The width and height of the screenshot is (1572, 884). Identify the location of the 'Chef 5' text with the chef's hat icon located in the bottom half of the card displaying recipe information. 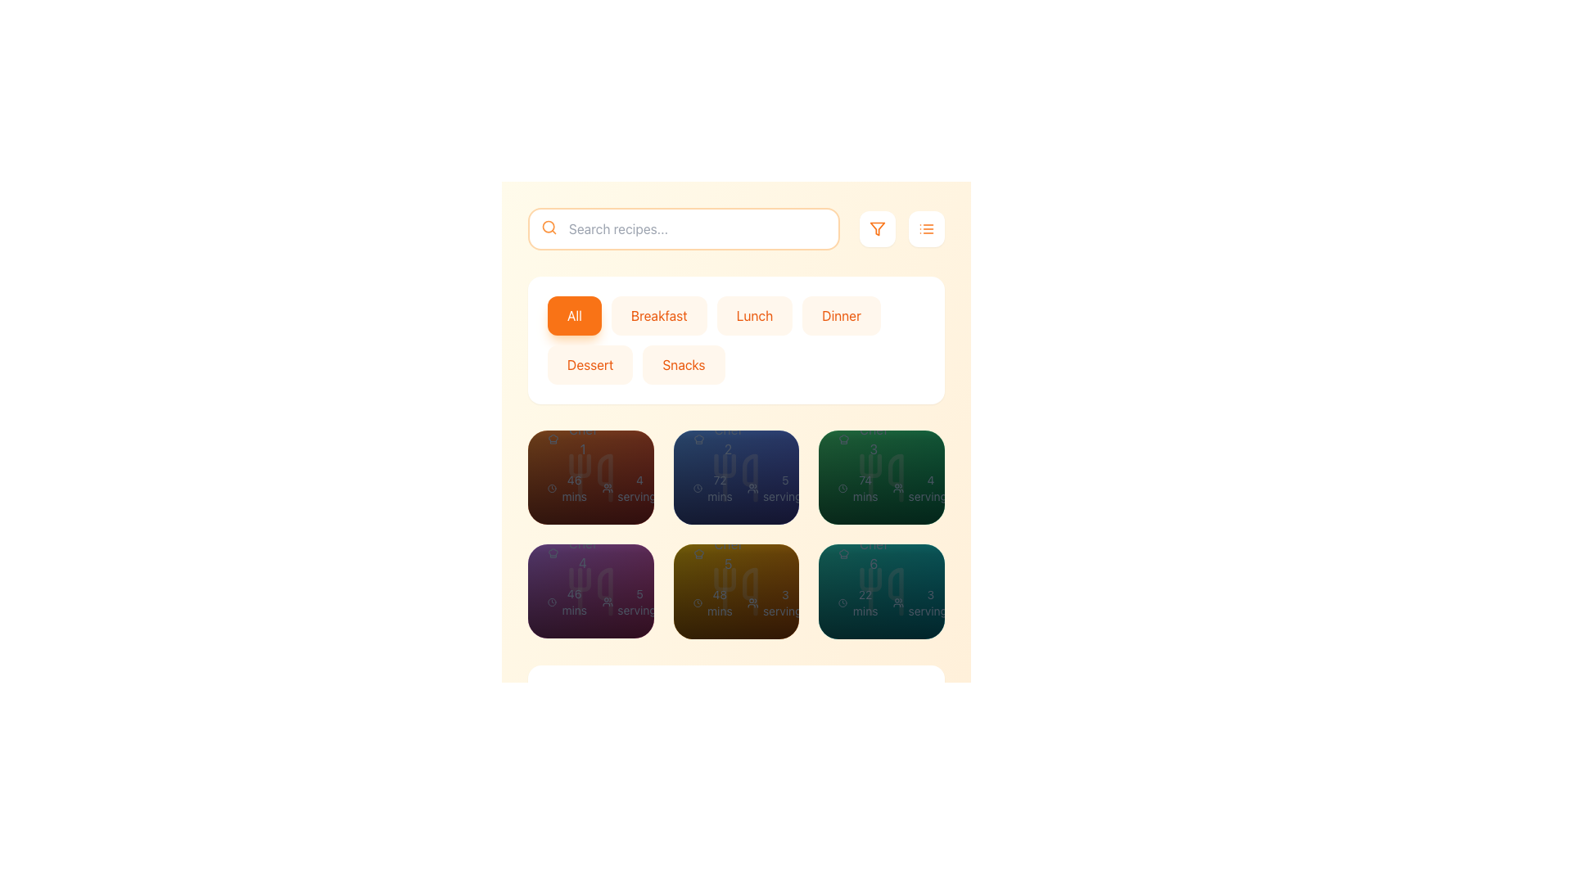
(719, 552).